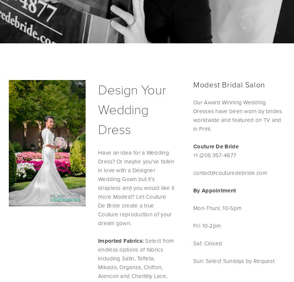  Describe the element at coordinates (237, 115) in the screenshot. I see `'Our Award Winning Wedding Dresses have been worn by brides worldwide and featured on TV and in Print.'` at that location.